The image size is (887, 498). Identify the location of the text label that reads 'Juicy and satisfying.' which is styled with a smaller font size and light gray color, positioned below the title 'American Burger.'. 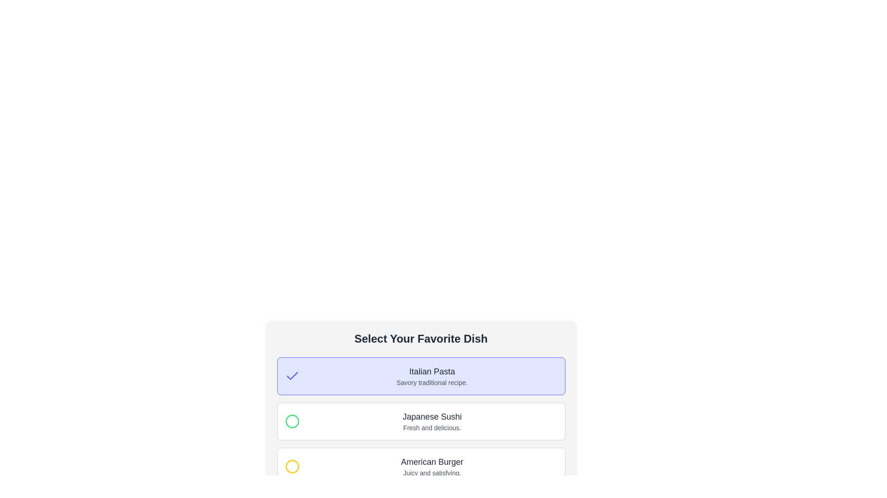
(431, 473).